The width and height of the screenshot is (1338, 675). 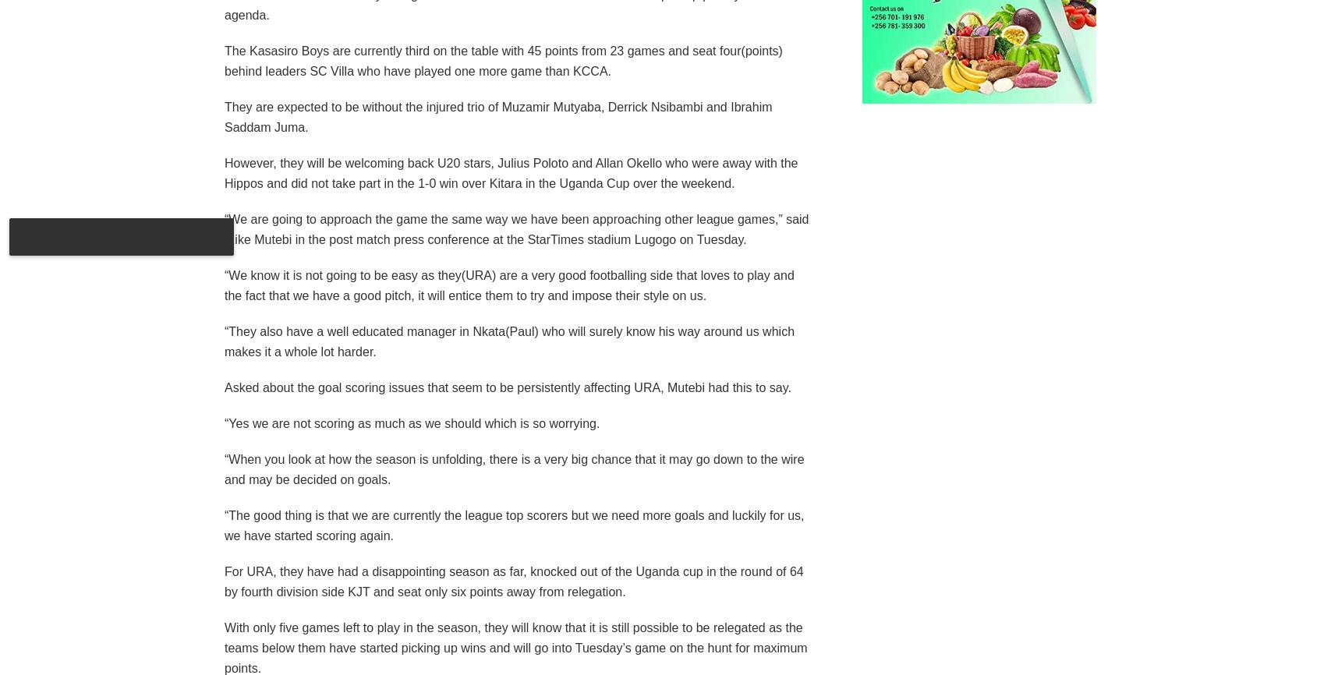 What do you see at coordinates (223, 524) in the screenshot?
I see `'“The good thing is that we are currently the league top scorers but we need more goals and luckily for us, we have started scoring again.'` at bounding box center [223, 524].